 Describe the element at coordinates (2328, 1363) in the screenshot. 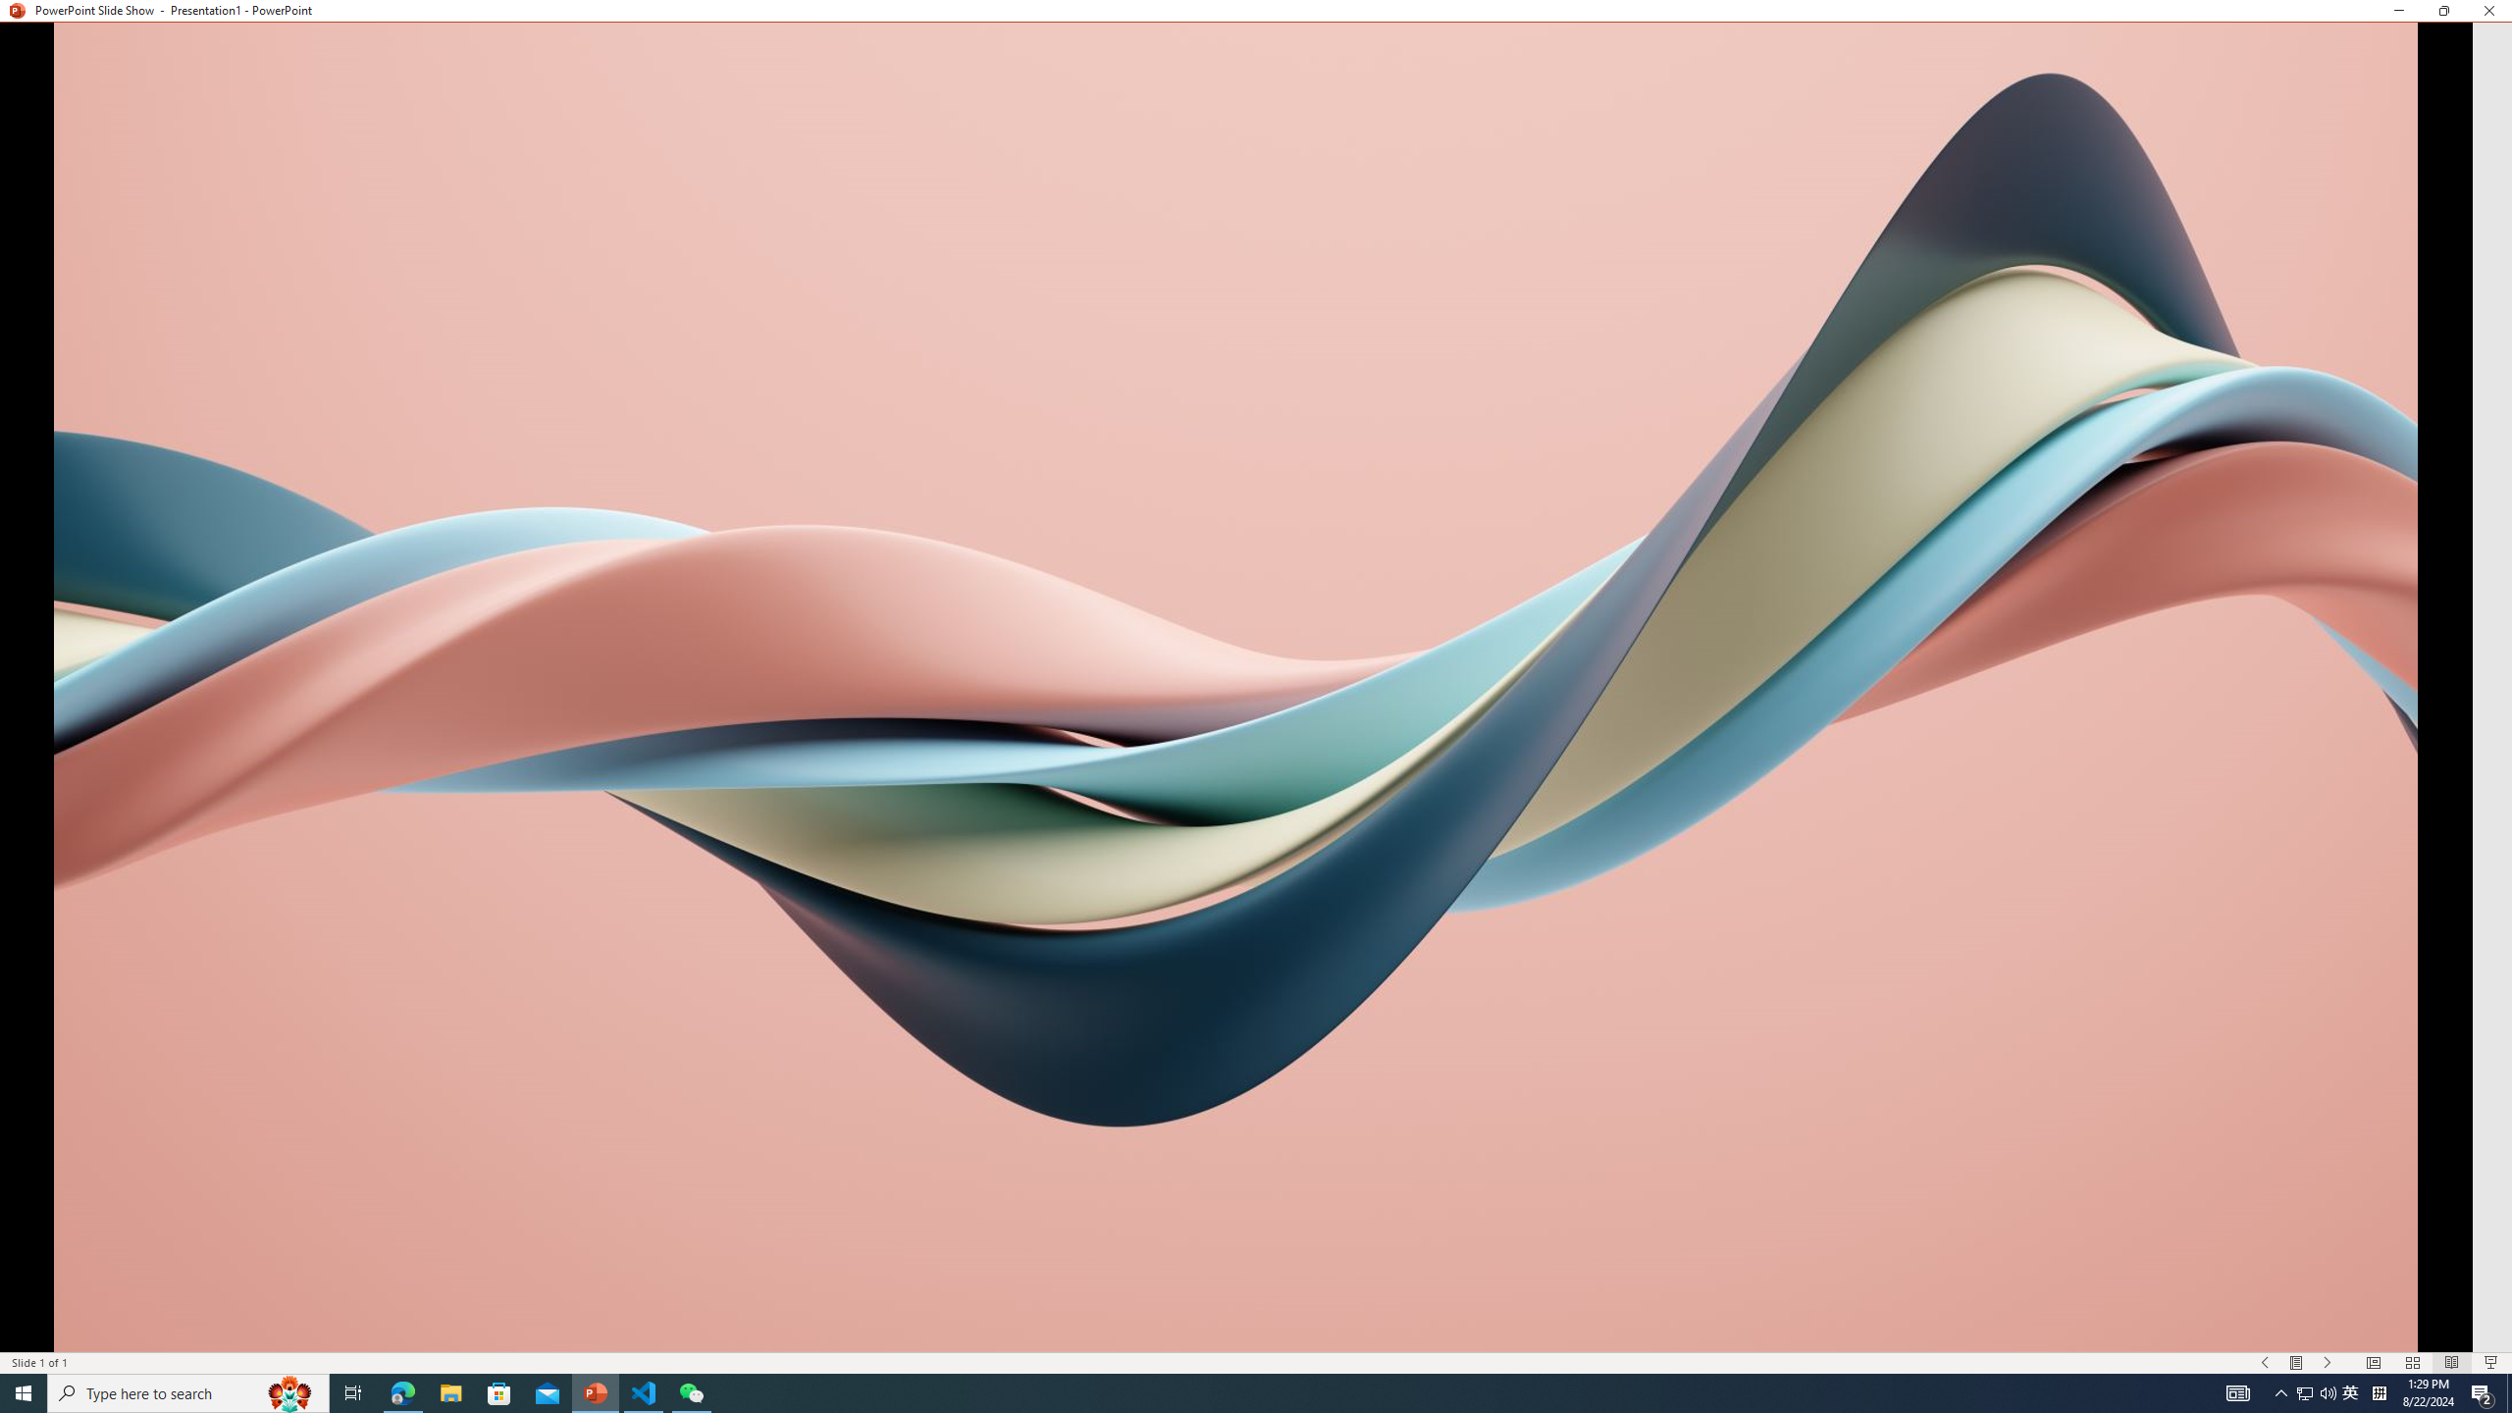

I see `'Slide Show Next On'` at that location.